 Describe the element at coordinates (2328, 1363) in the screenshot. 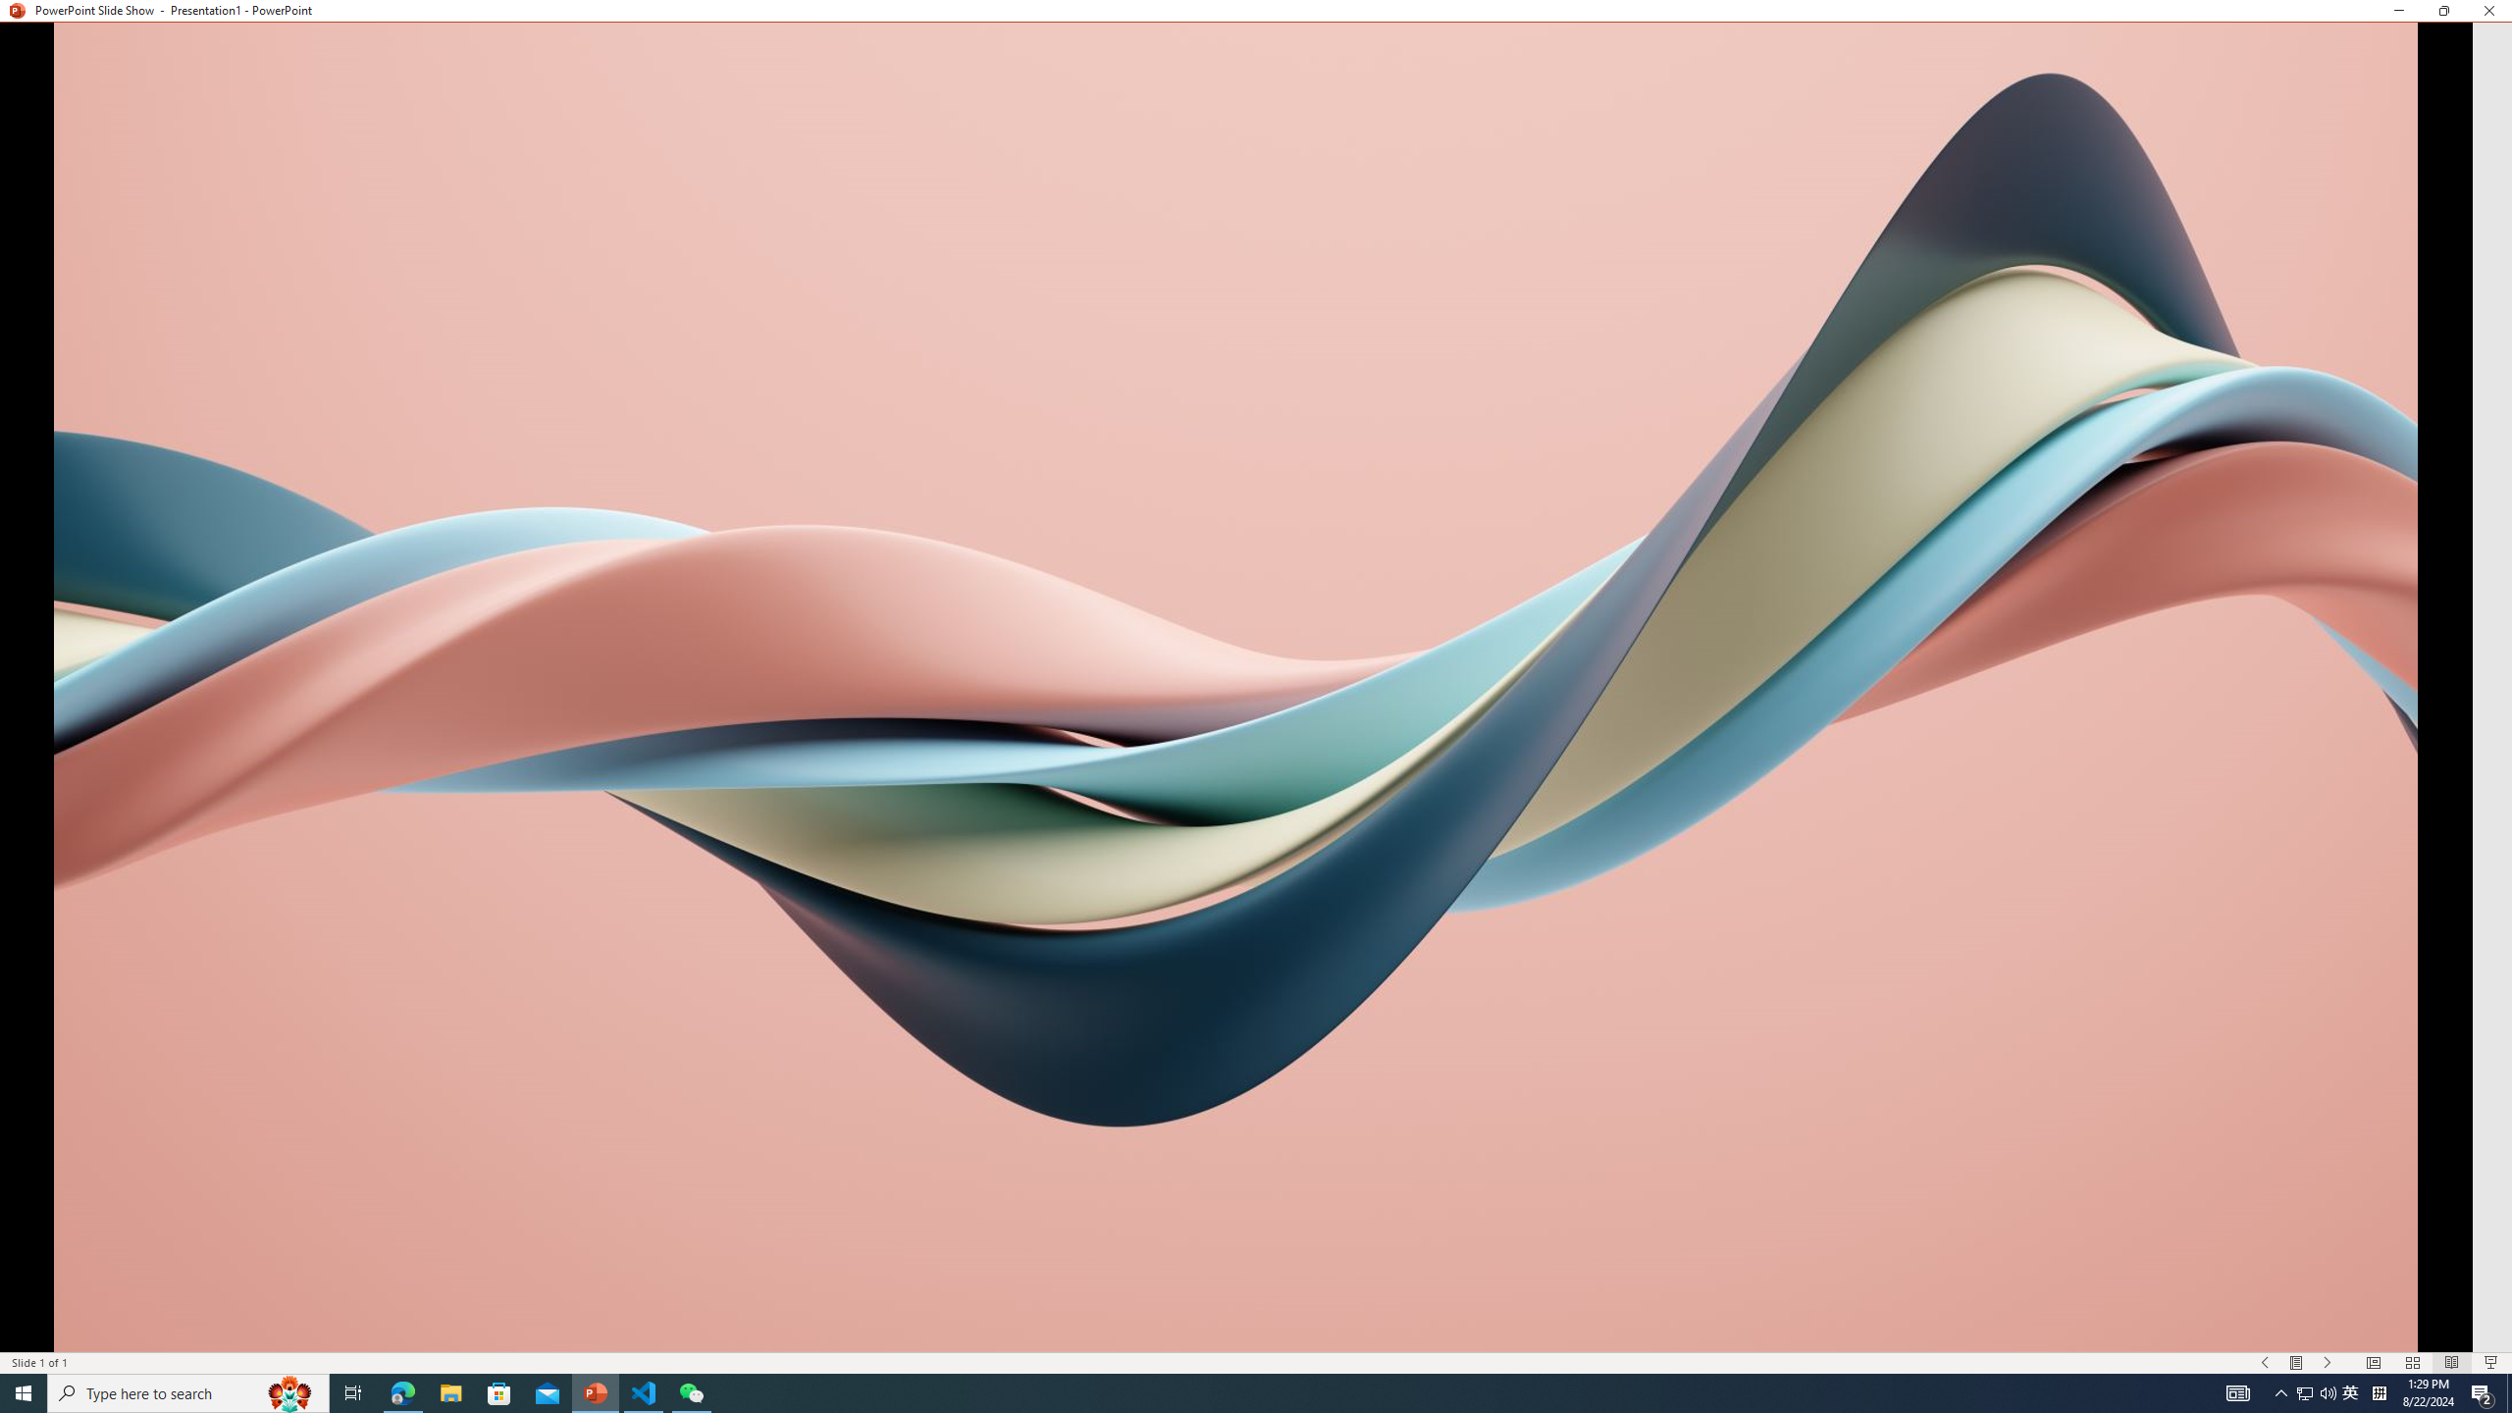

I see `'Slide Show Next On'` at that location.